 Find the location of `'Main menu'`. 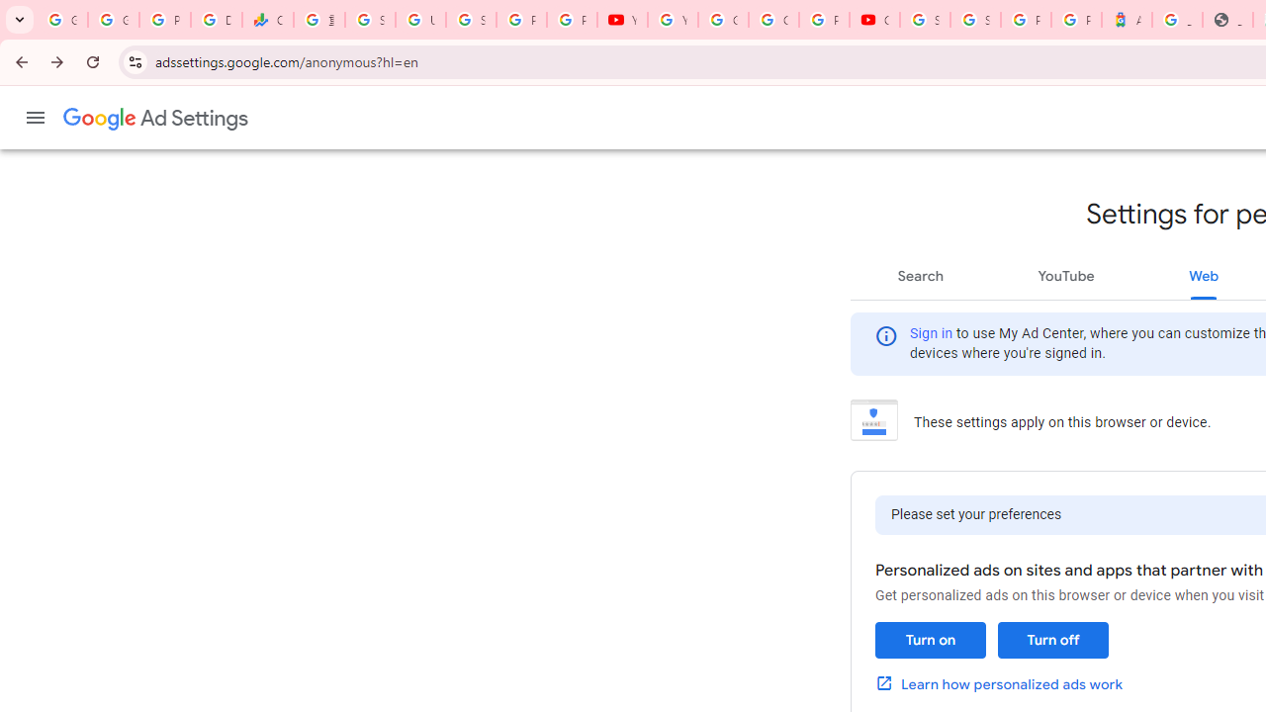

'Main menu' is located at coordinates (35, 118).